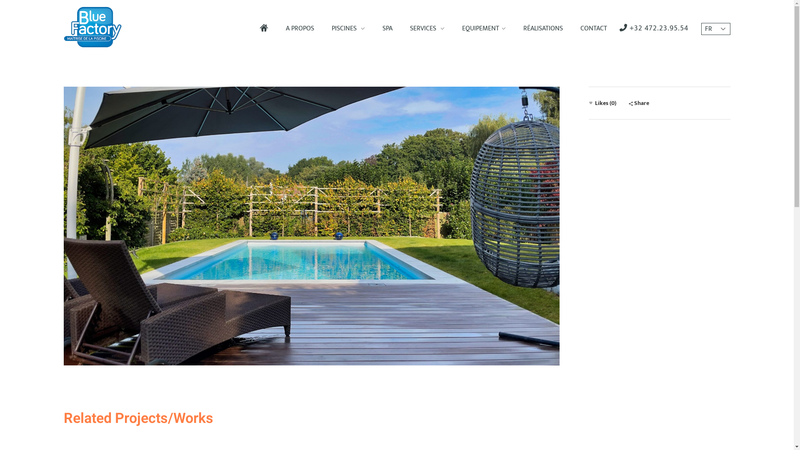  Describe the element at coordinates (619, 28) in the screenshot. I see `'+32 472.23.95.54'` at that location.